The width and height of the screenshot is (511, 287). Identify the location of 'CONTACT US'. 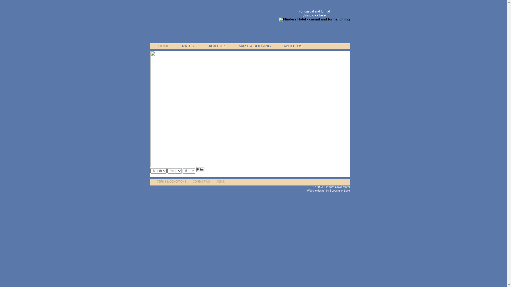
(200, 181).